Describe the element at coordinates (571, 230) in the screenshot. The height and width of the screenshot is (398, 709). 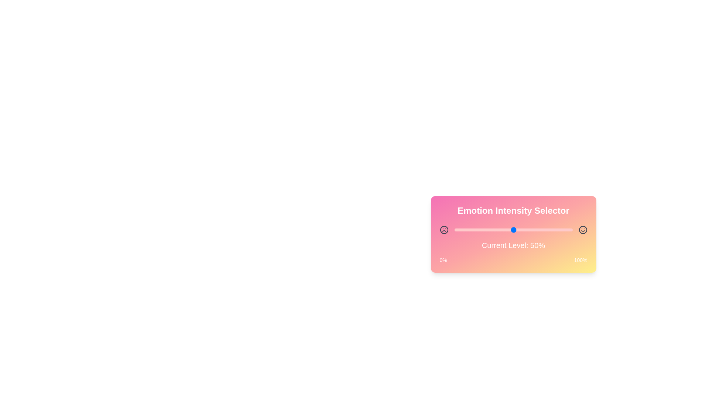
I see `the emotion level to 99% by interacting with the slider` at that location.